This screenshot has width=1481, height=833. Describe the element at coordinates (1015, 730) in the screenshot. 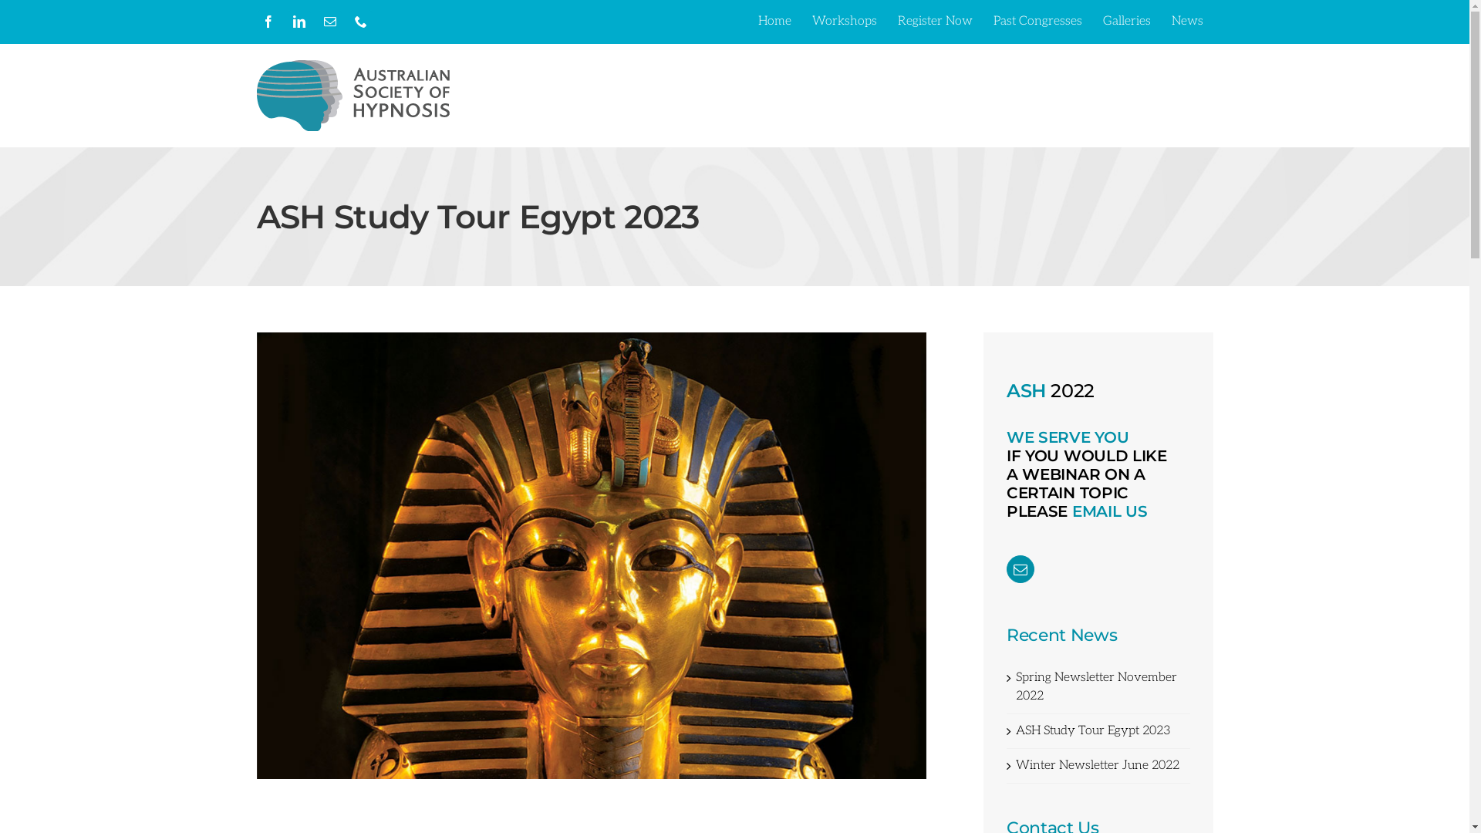

I see `'ASH Study Tour Egypt 2023'` at that location.